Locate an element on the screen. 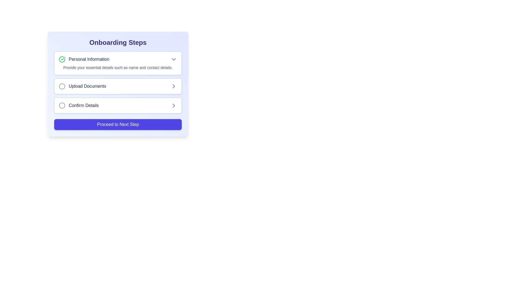  the interactive card labeled 'Confirm Details' is located at coordinates (117, 106).